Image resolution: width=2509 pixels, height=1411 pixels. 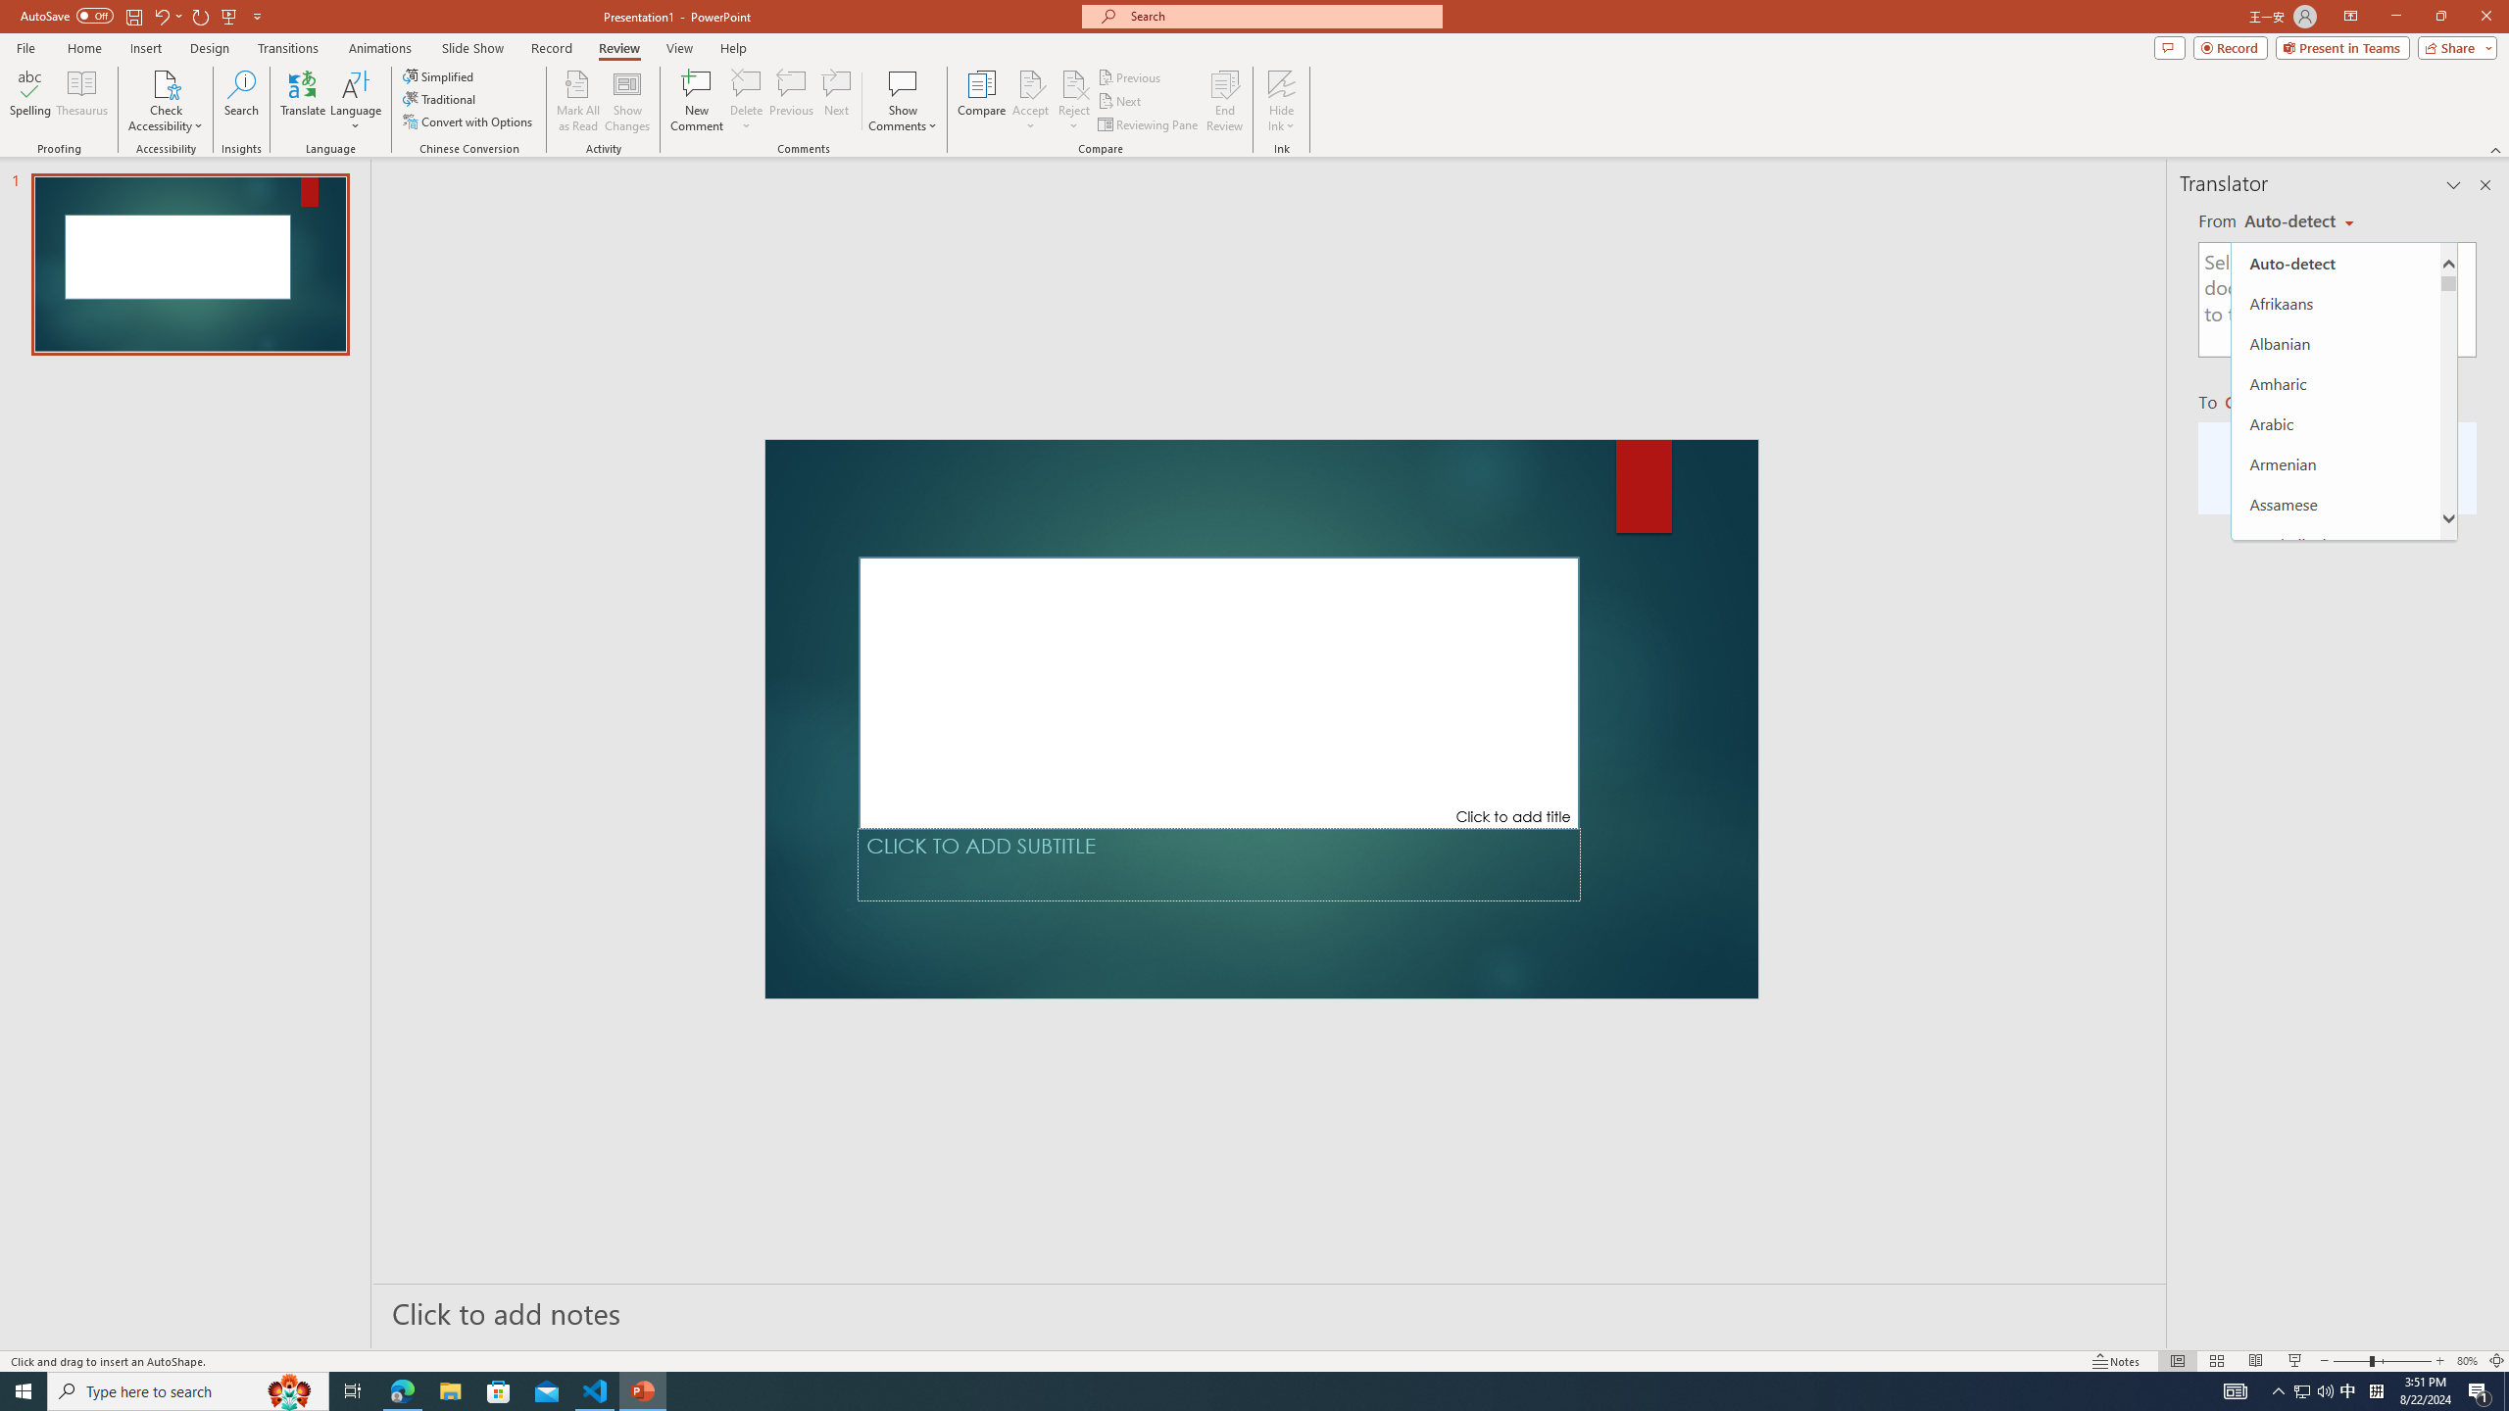 What do you see at coordinates (903, 101) in the screenshot?
I see `'Show Comments'` at bounding box center [903, 101].